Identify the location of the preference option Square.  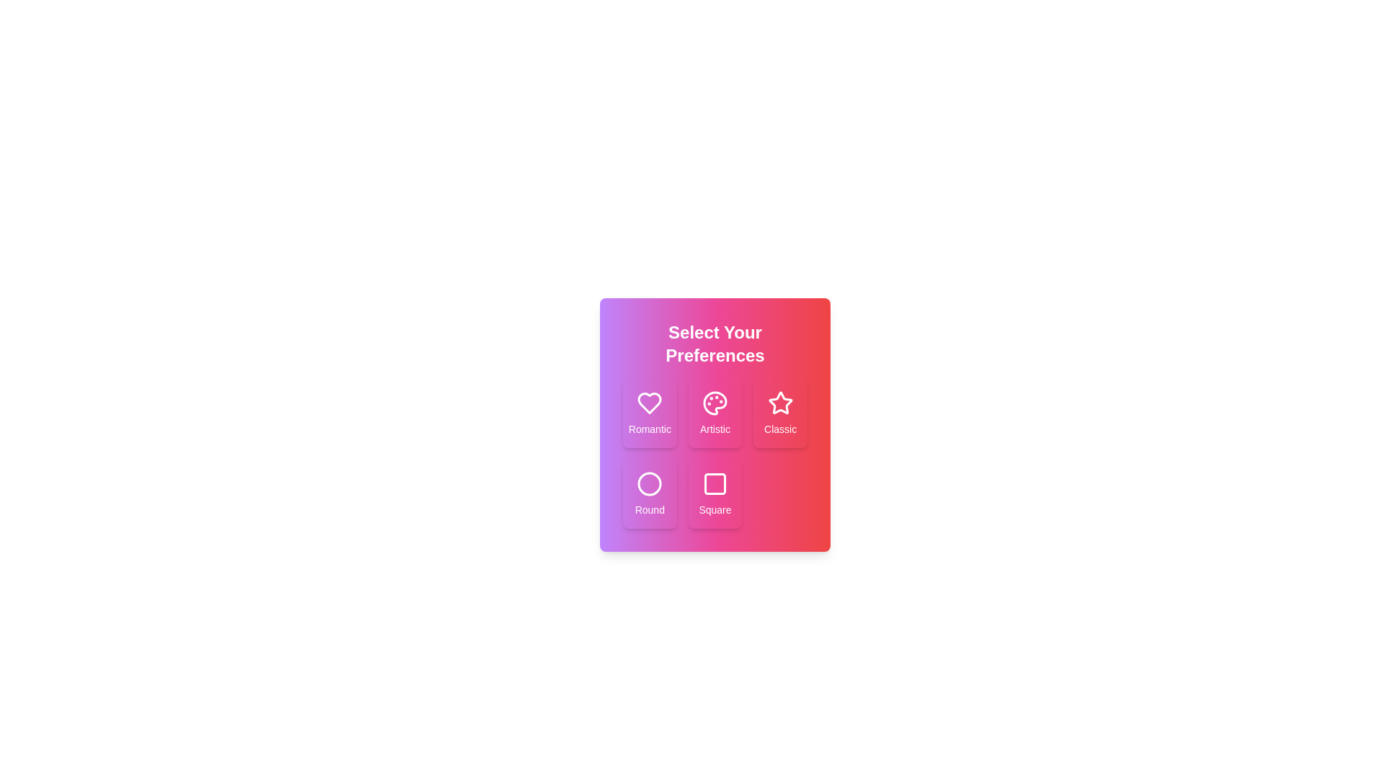
(715, 493).